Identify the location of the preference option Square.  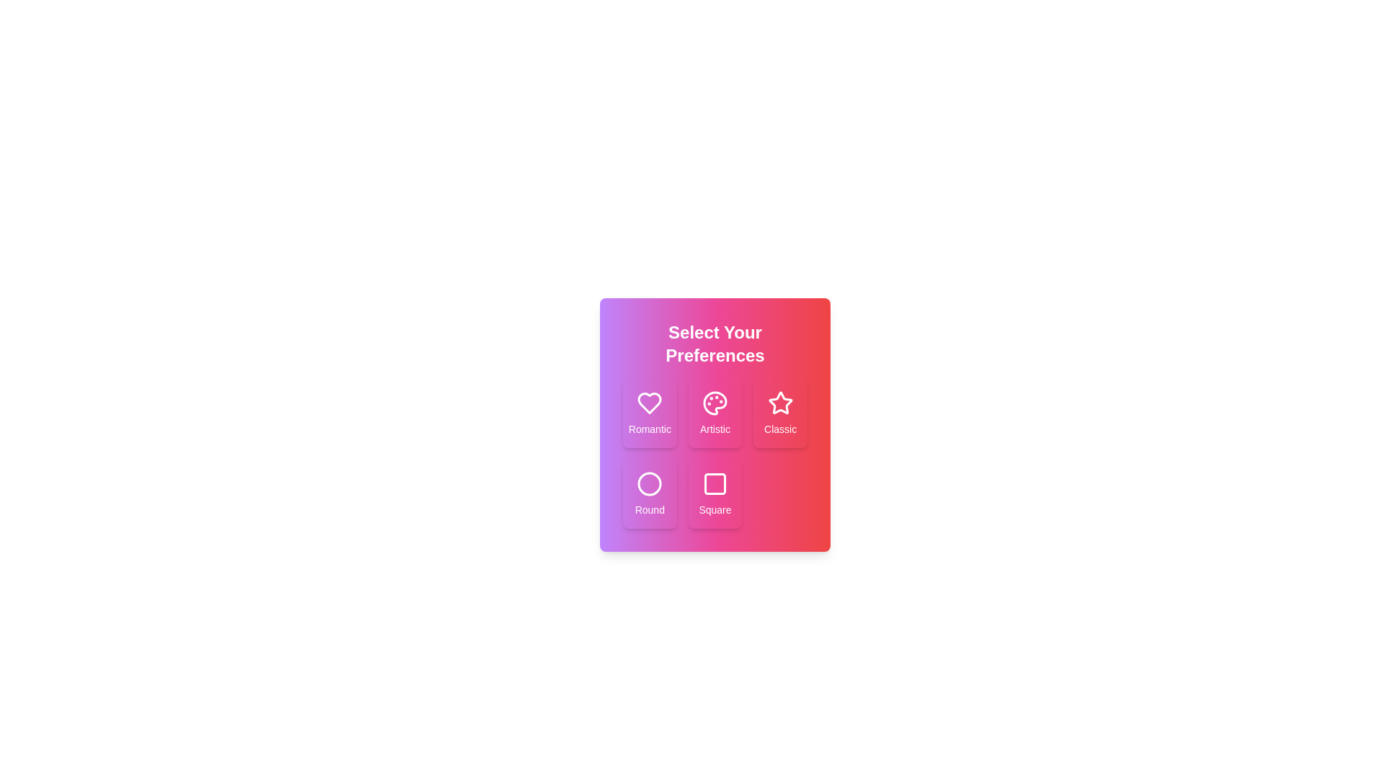
(715, 493).